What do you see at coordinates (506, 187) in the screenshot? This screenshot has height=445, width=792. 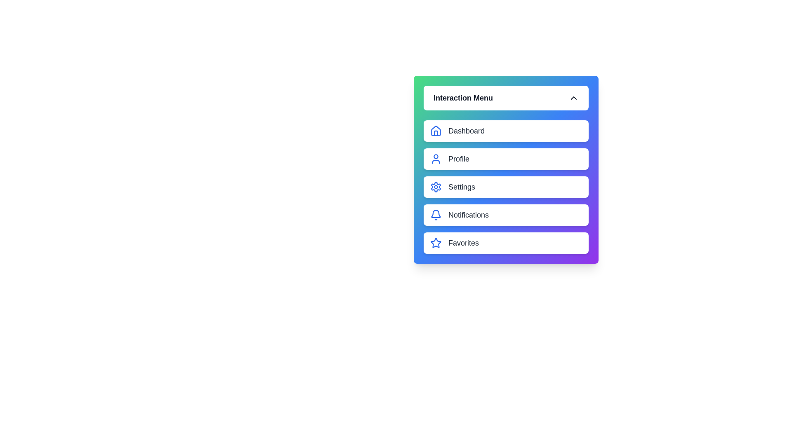 I see `the menu item Settings in the ModernProfileMenu` at bounding box center [506, 187].